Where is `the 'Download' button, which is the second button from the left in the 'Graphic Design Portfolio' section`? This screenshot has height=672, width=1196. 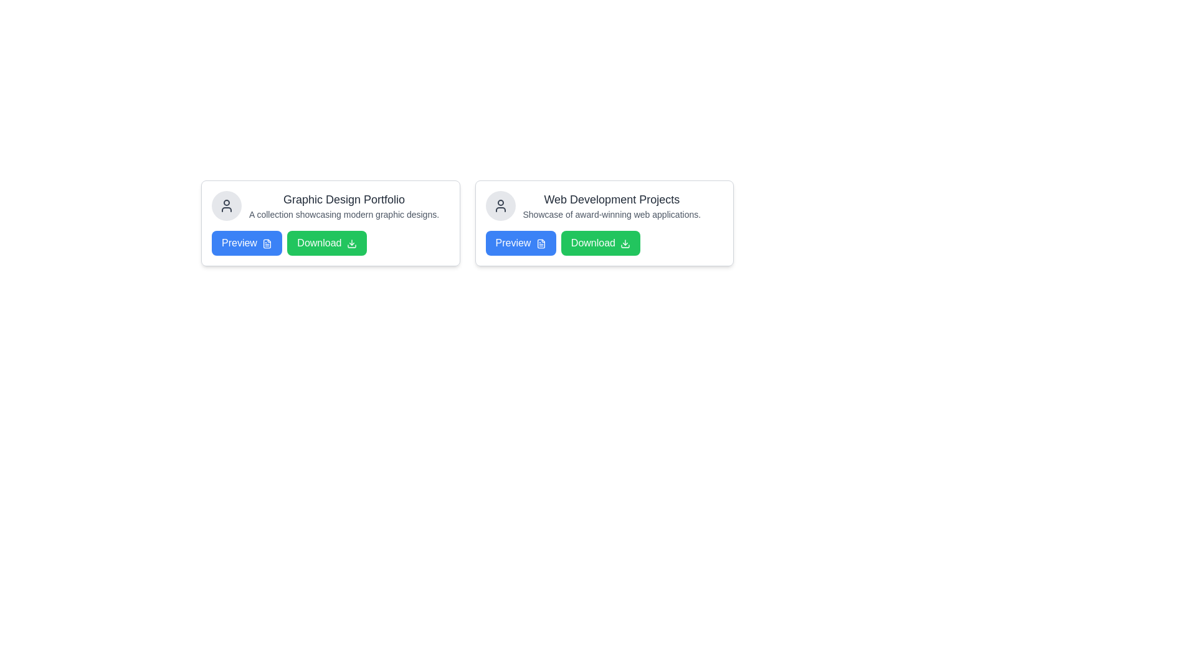
the 'Download' button, which is the second button from the left in the 'Graphic Design Portfolio' section is located at coordinates (327, 243).